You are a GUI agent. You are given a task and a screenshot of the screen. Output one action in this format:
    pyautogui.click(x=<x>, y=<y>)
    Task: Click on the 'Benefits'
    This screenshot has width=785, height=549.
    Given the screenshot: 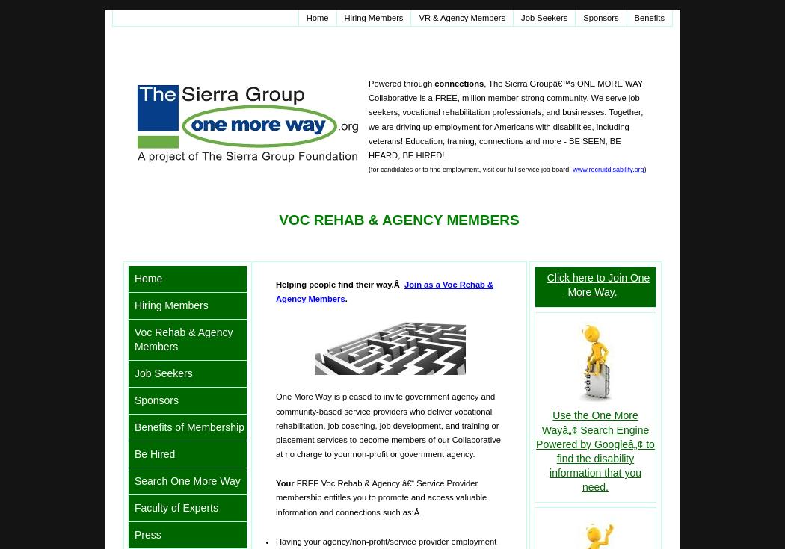 What is the action you would take?
    pyautogui.click(x=648, y=17)
    